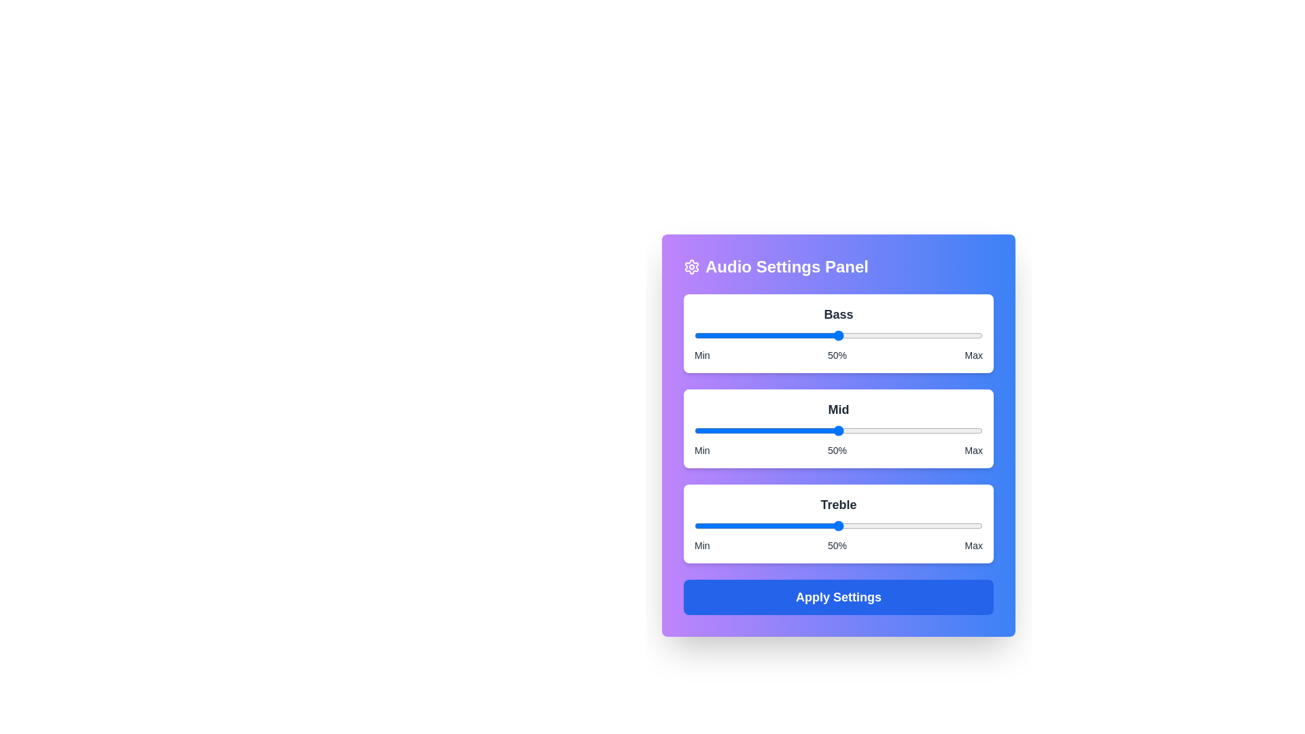 This screenshot has height=734, width=1305. What do you see at coordinates (944, 430) in the screenshot?
I see `slider` at bounding box center [944, 430].